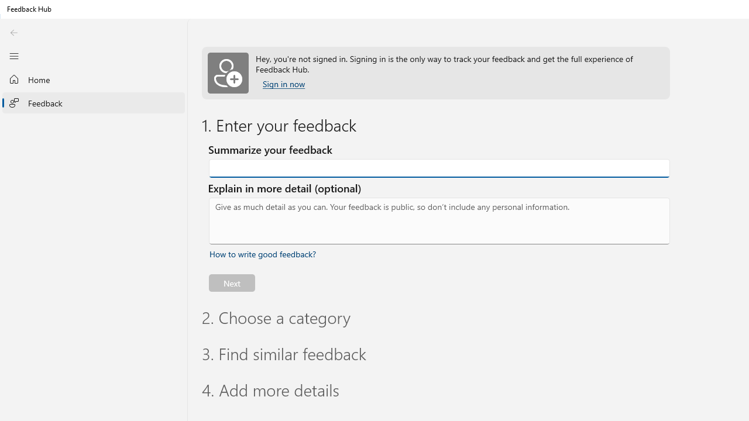  I want to click on 'Back', so click(13, 32).